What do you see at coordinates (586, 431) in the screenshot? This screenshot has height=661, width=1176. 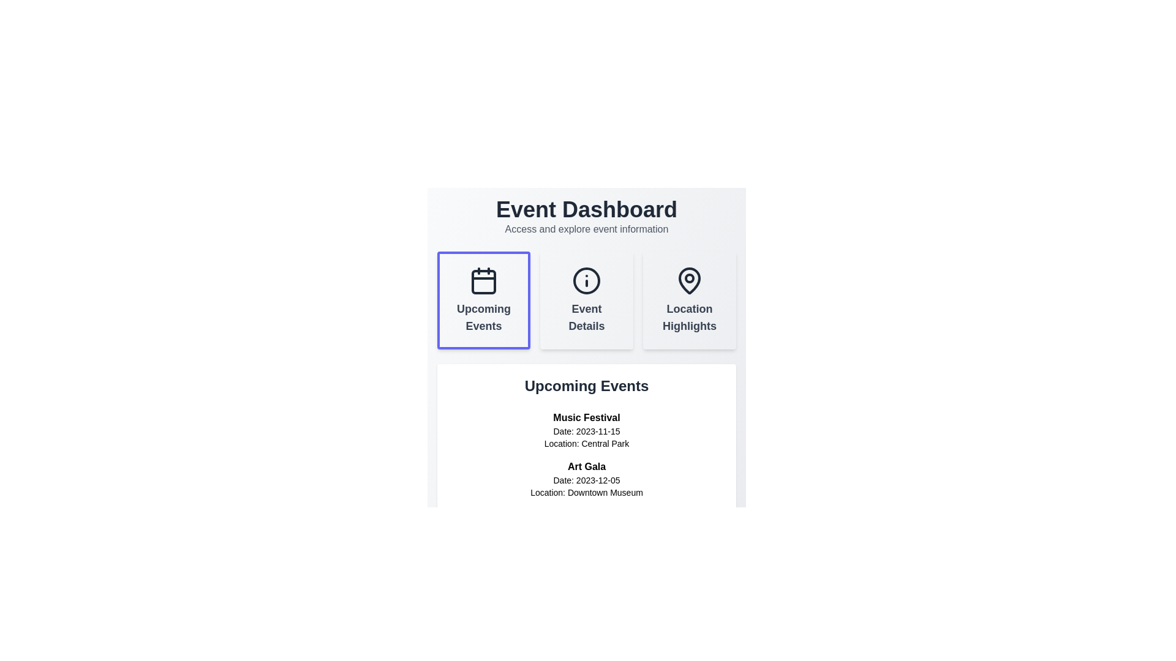 I see `the text element that reads 'Date: 2023-11-15', which is styled in a clean, sans-serif typeface and is located directly below the event name 'Music Festival'` at bounding box center [586, 431].